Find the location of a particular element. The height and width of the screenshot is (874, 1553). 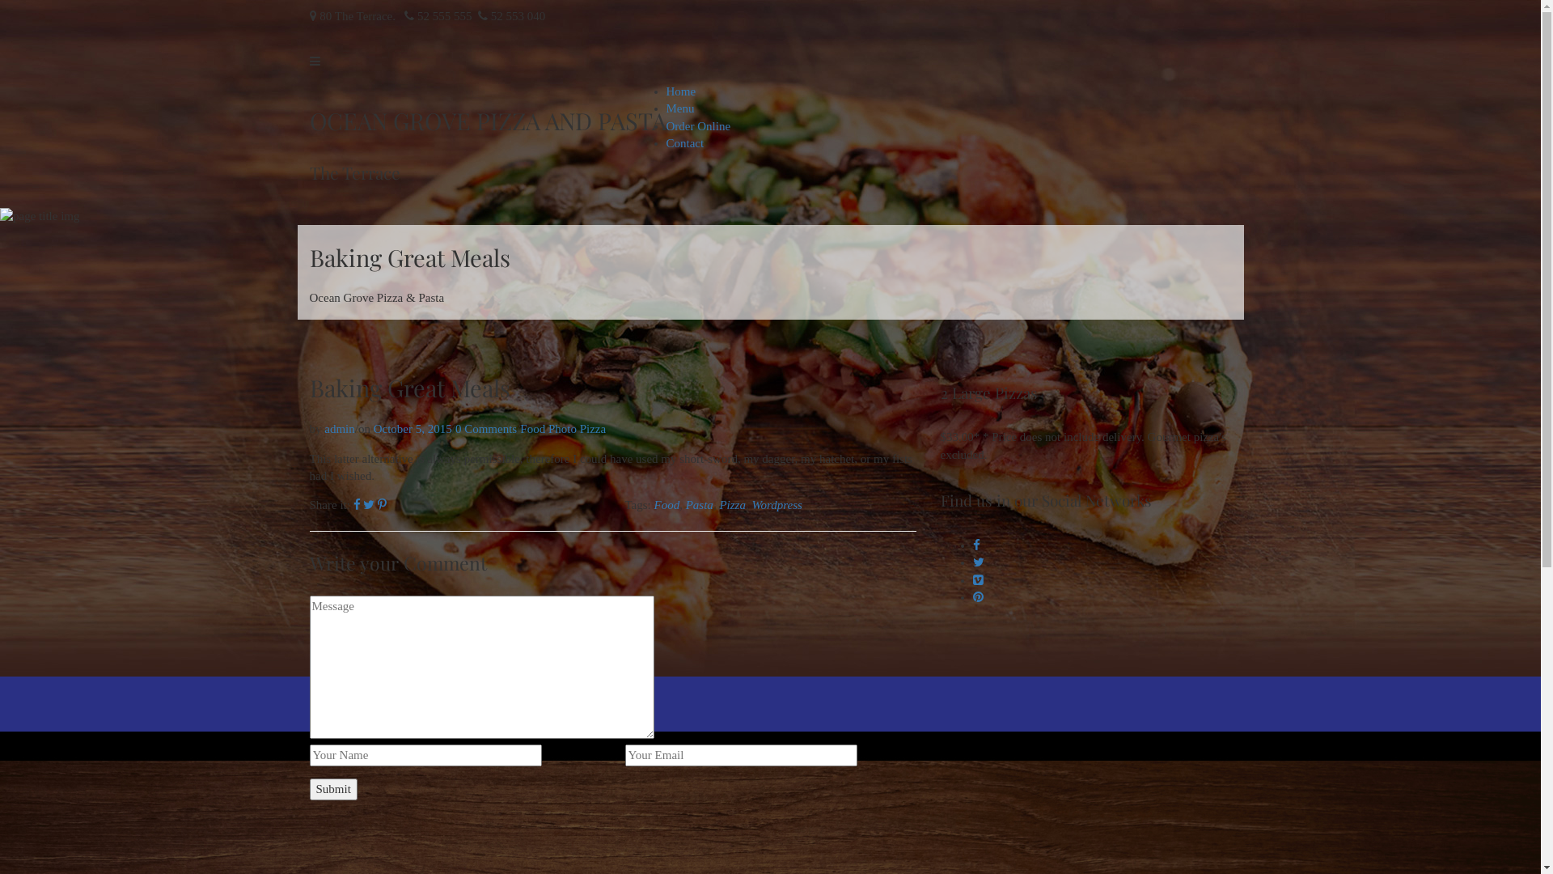

'Photo' is located at coordinates (562, 427).